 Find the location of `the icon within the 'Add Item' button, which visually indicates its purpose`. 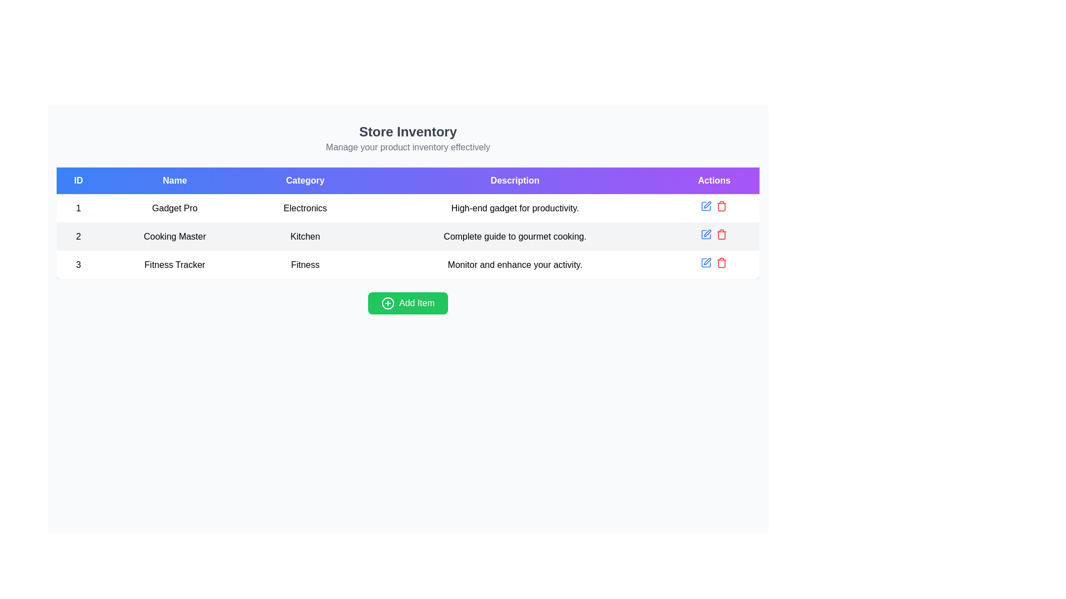

the icon within the 'Add Item' button, which visually indicates its purpose is located at coordinates (388, 303).